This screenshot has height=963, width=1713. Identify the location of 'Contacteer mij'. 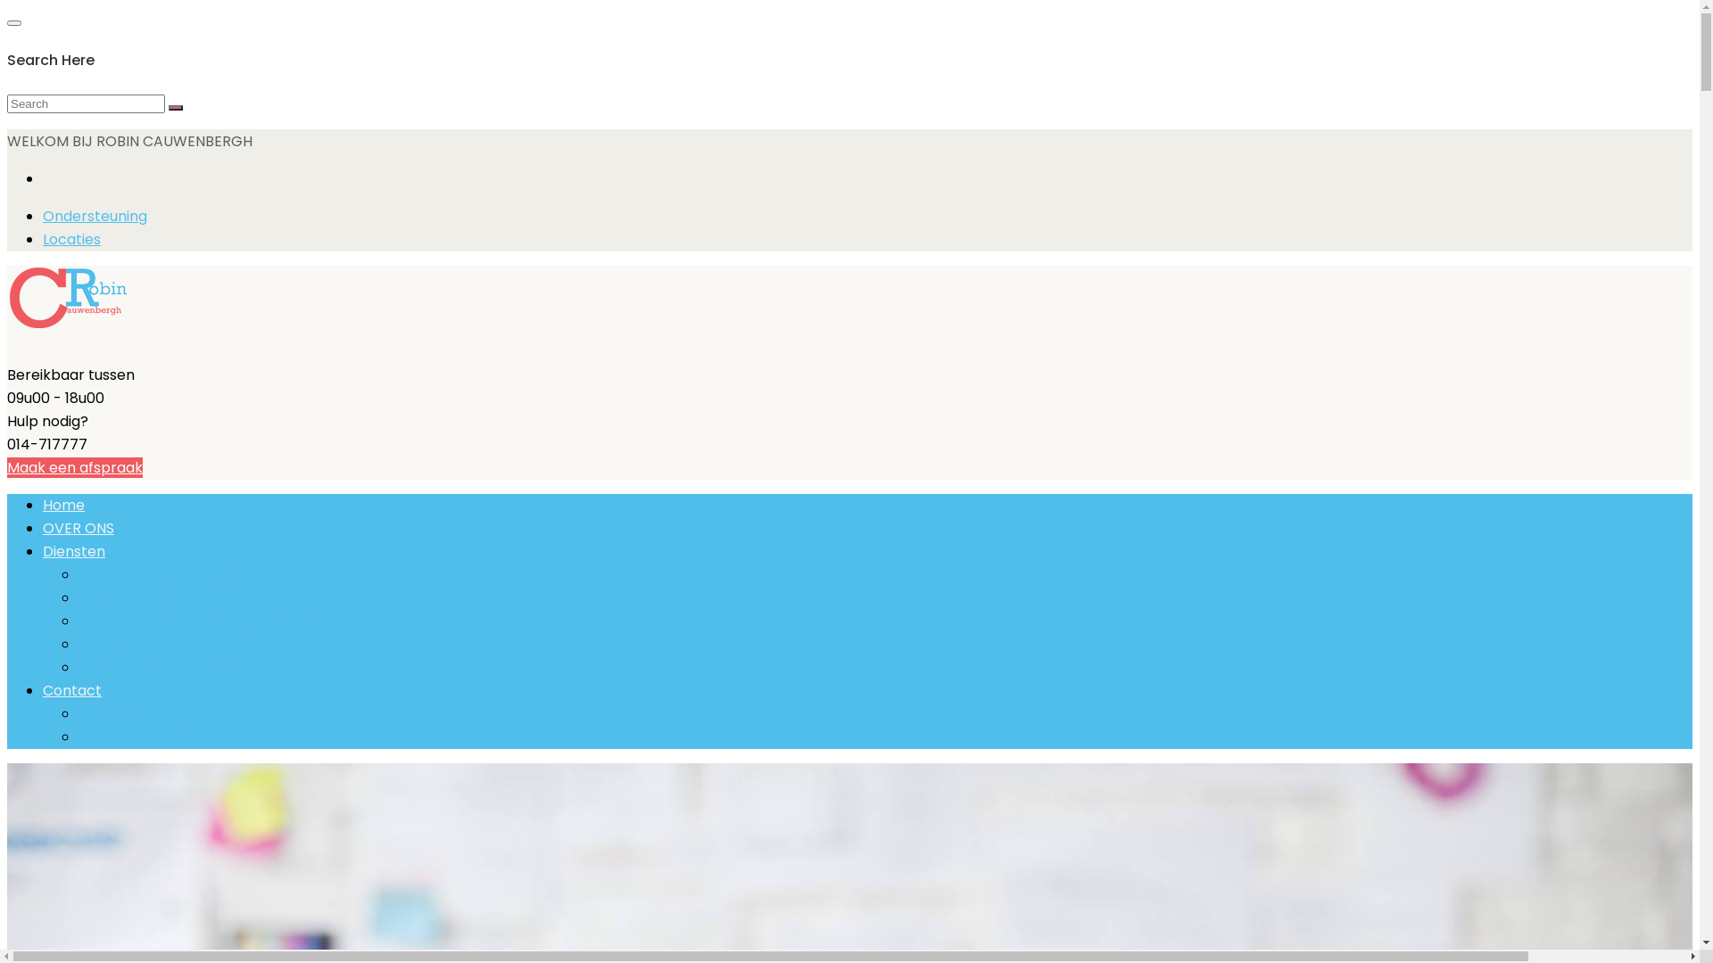
(130, 712).